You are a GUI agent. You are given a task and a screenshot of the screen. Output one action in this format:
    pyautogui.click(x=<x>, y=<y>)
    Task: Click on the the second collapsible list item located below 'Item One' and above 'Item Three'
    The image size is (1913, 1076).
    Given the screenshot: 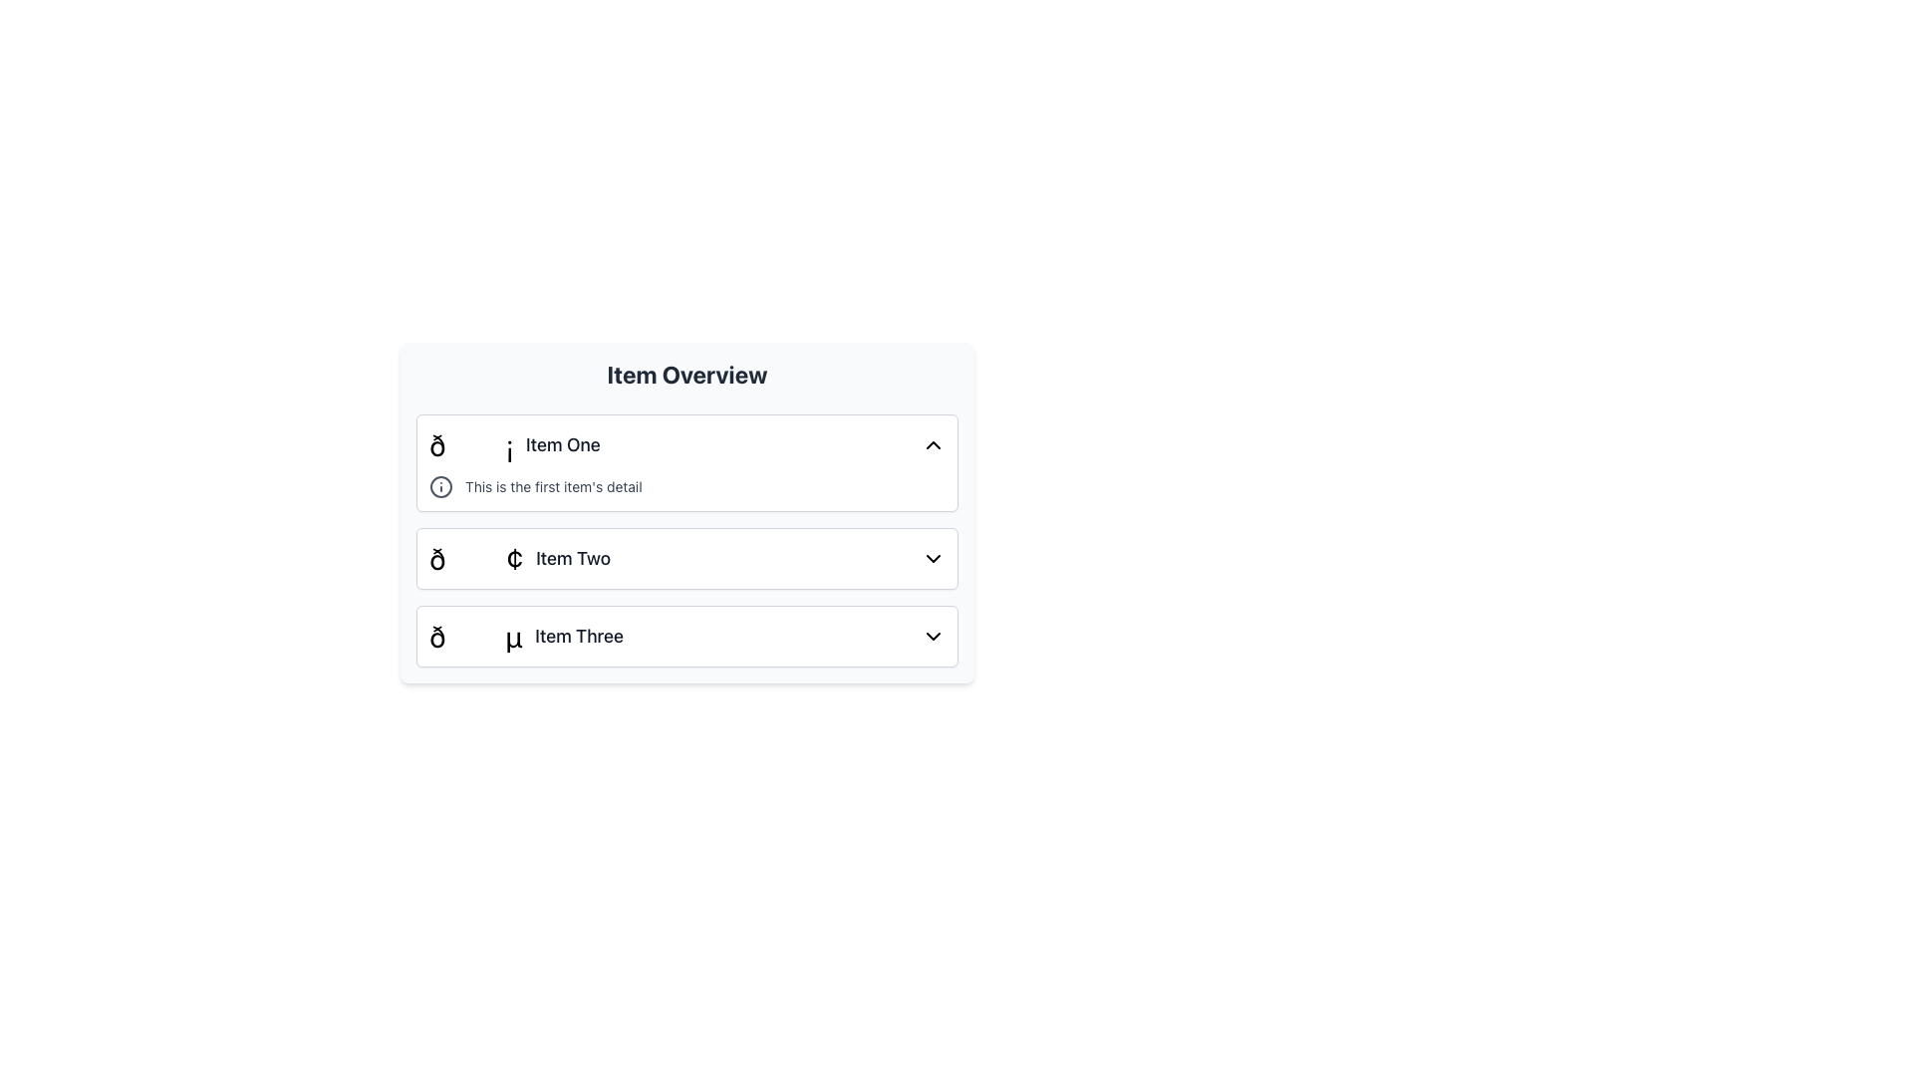 What is the action you would take?
    pyautogui.click(x=687, y=558)
    